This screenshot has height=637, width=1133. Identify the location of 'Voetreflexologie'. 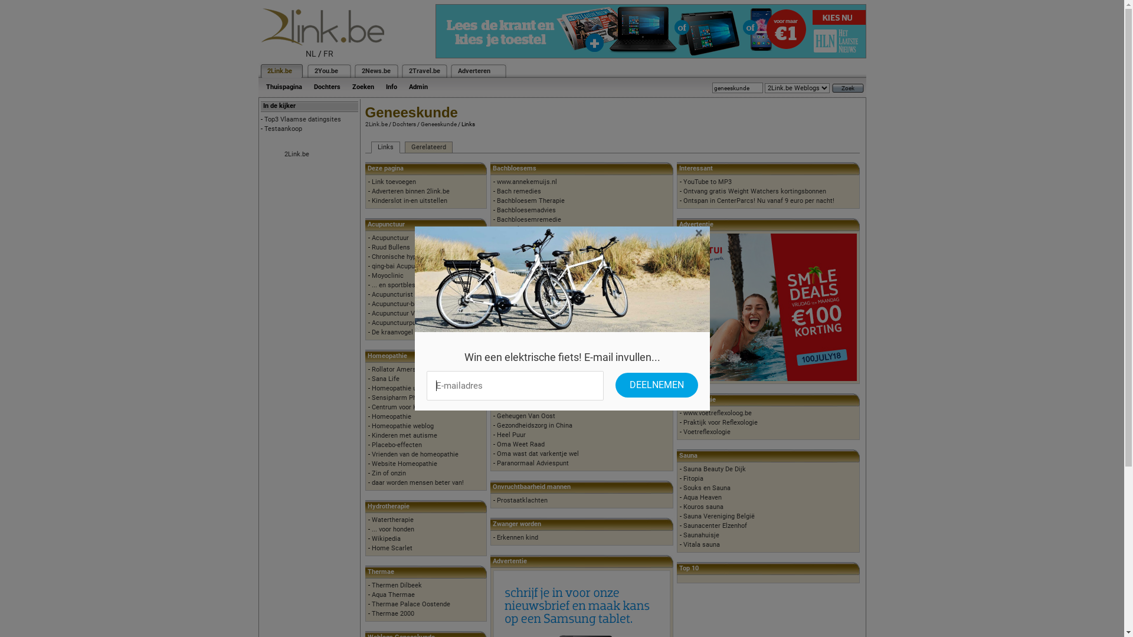
(683, 432).